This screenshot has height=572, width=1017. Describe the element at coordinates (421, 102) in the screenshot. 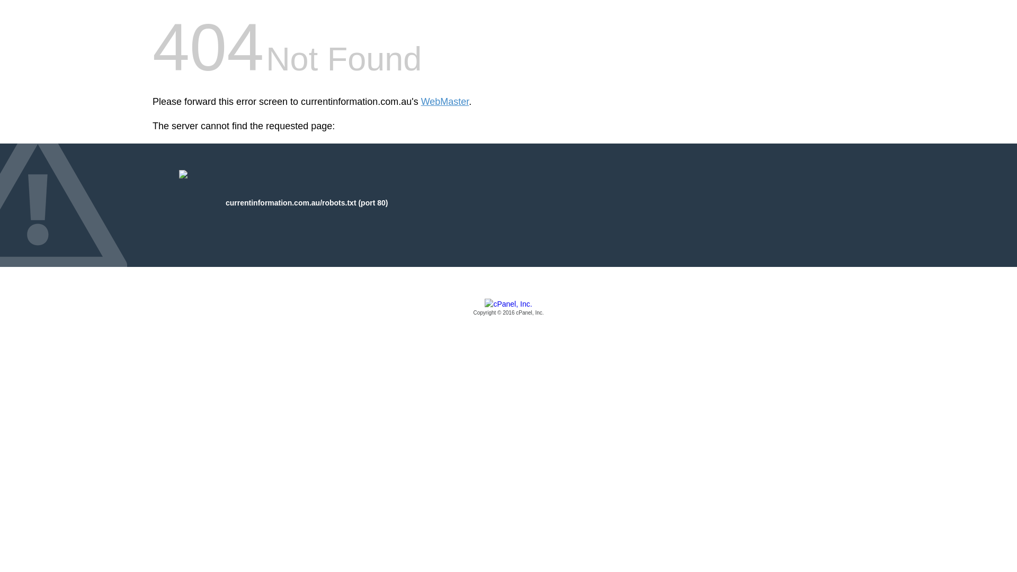

I see `'WebMaster'` at that location.